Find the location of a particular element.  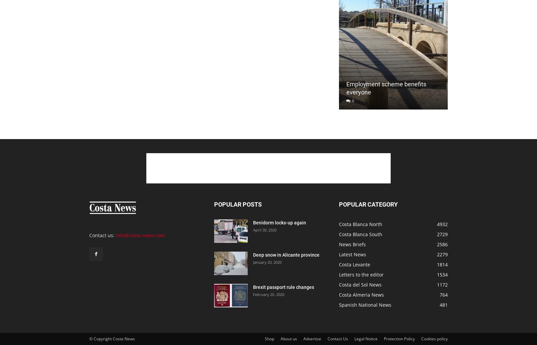

'info@costa-news.com' is located at coordinates (140, 235).